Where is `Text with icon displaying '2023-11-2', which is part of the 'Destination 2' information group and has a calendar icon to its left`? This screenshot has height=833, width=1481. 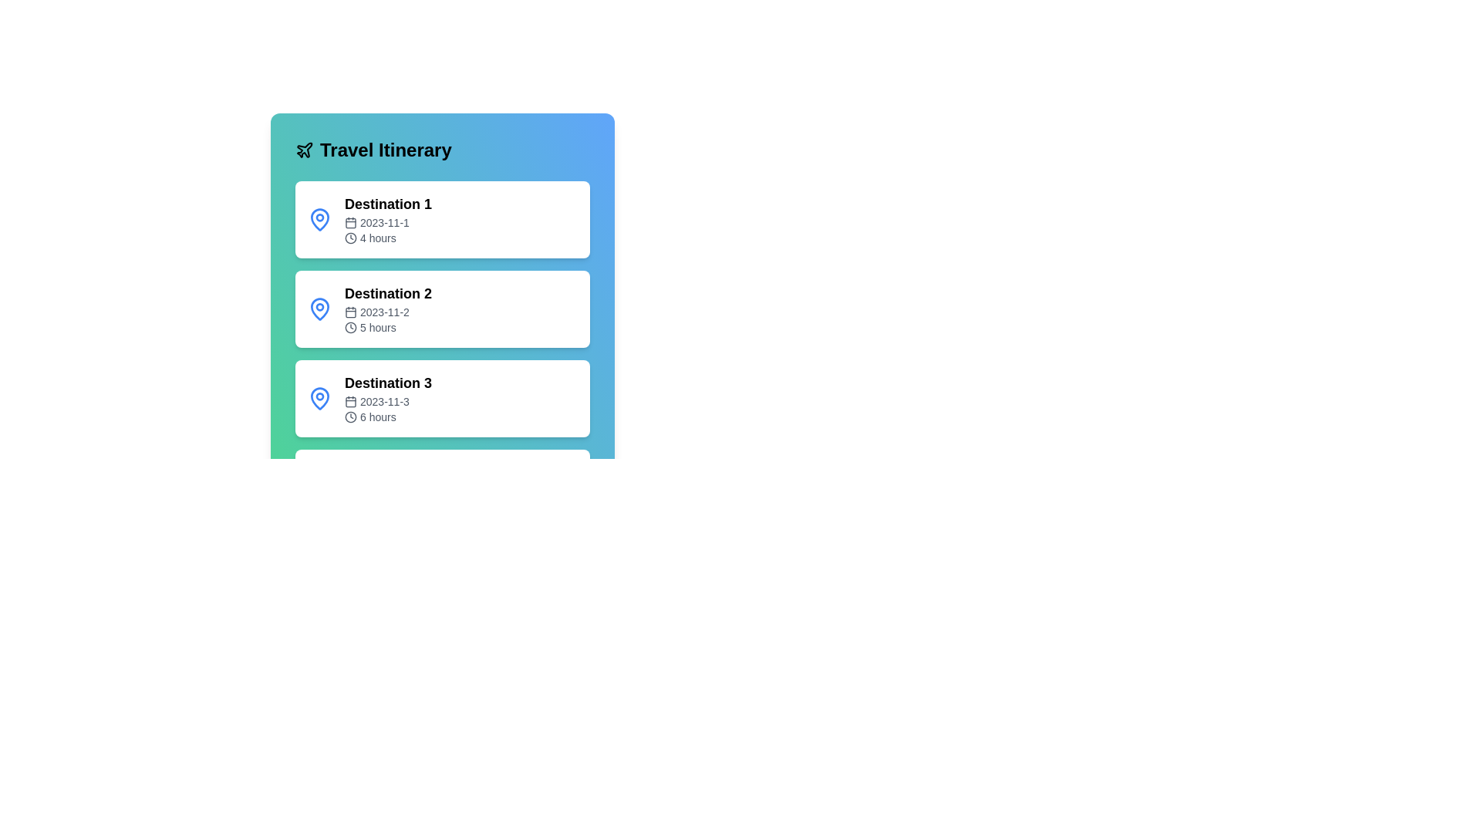
Text with icon displaying '2023-11-2', which is part of the 'Destination 2' information group and has a calendar icon to its left is located at coordinates (388, 312).